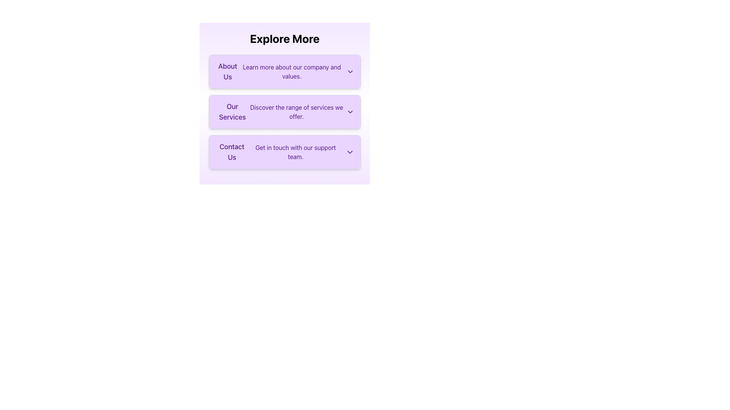  What do you see at coordinates (350, 72) in the screenshot?
I see `the chevron icon located on the far right side of the 'About Us' section` at bounding box center [350, 72].